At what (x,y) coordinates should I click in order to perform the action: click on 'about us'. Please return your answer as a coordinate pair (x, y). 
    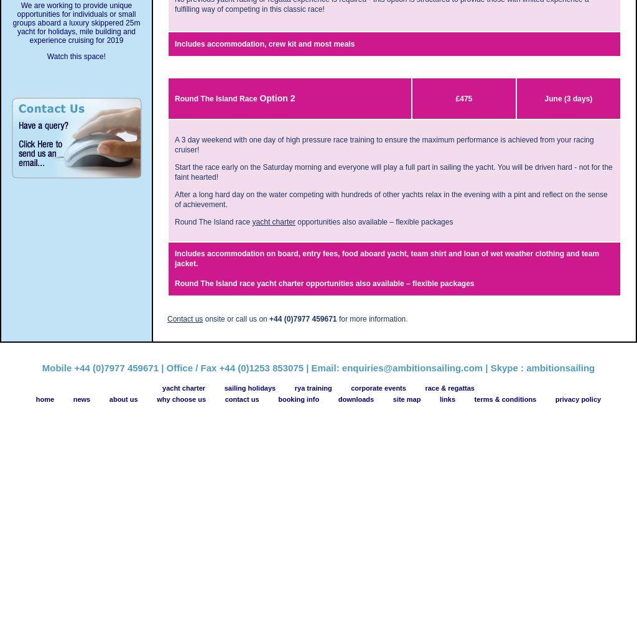
    Looking at the image, I should click on (123, 399).